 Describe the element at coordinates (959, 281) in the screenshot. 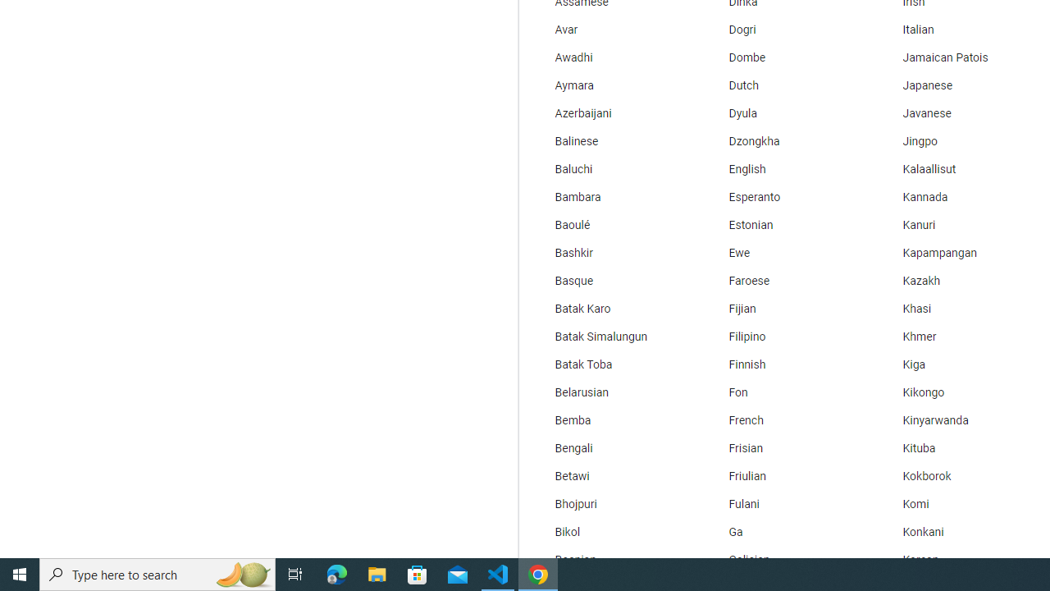

I see `'Kazakh'` at that location.